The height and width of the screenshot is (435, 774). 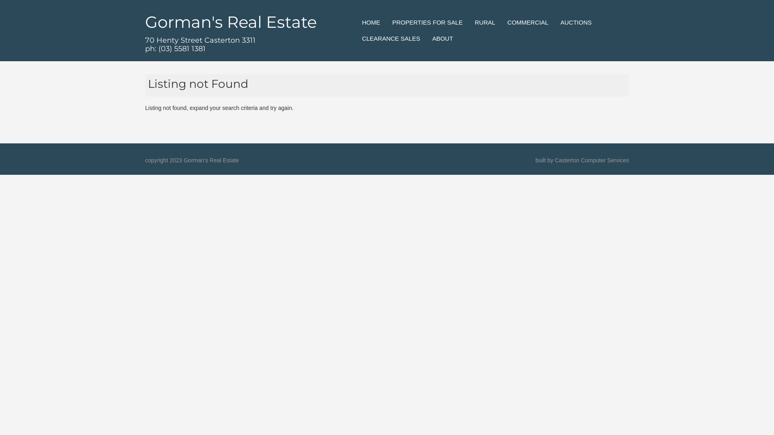 What do you see at coordinates (427, 22) in the screenshot?
I see `'PROPERTIES FOR SALE'` at bounding box center [427, 22].